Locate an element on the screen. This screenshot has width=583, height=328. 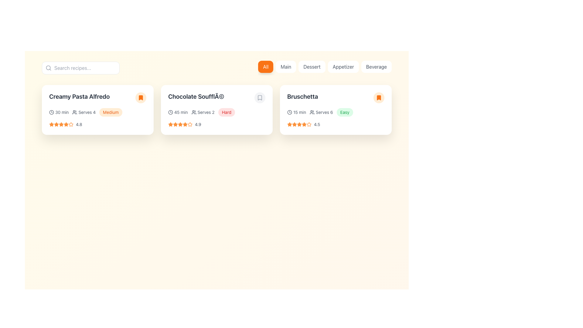
the bookmark icon located at the top-right corner of the 'Chocolate Soufflé' card is located at coordinates (260, 97).